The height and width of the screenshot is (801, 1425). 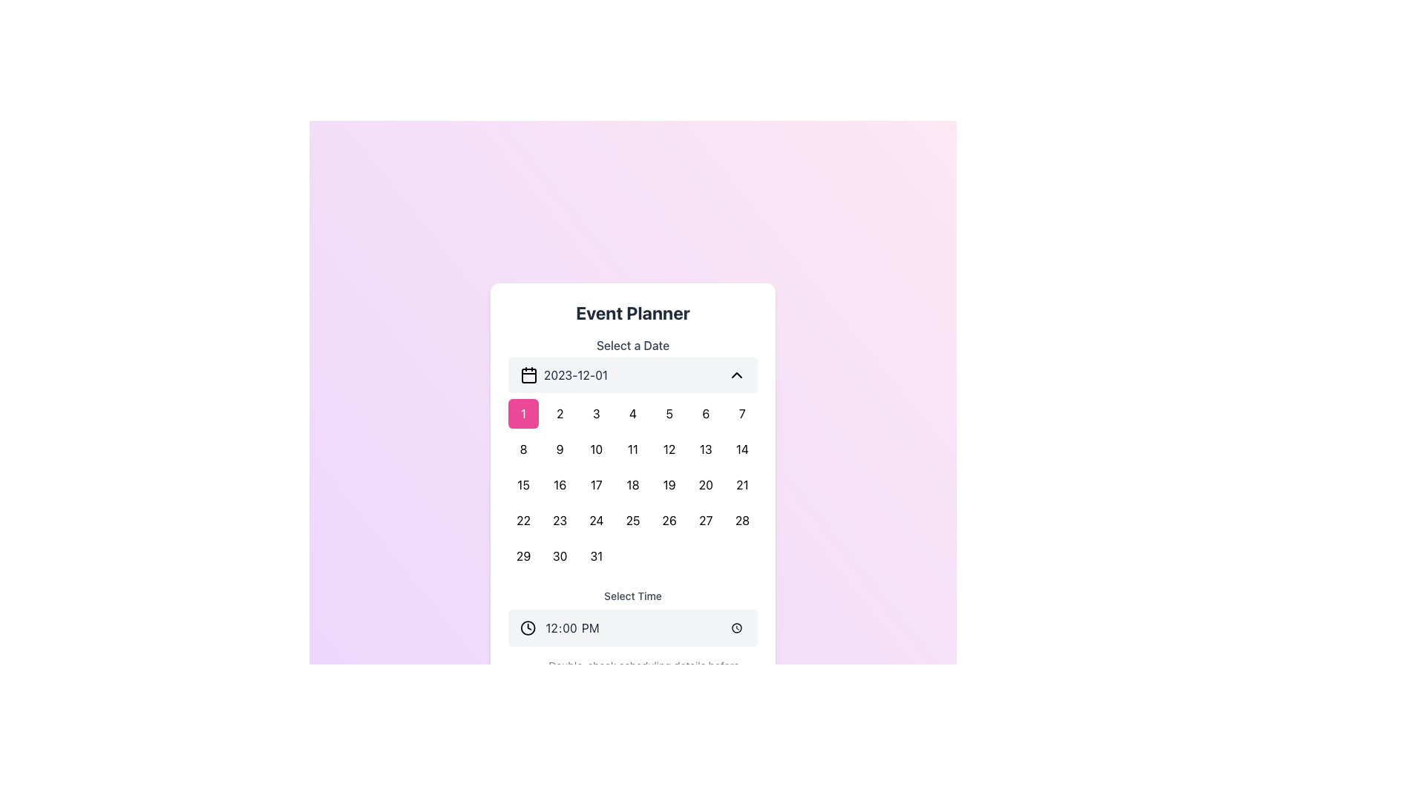 I want to click on the button labeled '8' in the second row, first column of the calendar grid, so click(x=523, y=448).